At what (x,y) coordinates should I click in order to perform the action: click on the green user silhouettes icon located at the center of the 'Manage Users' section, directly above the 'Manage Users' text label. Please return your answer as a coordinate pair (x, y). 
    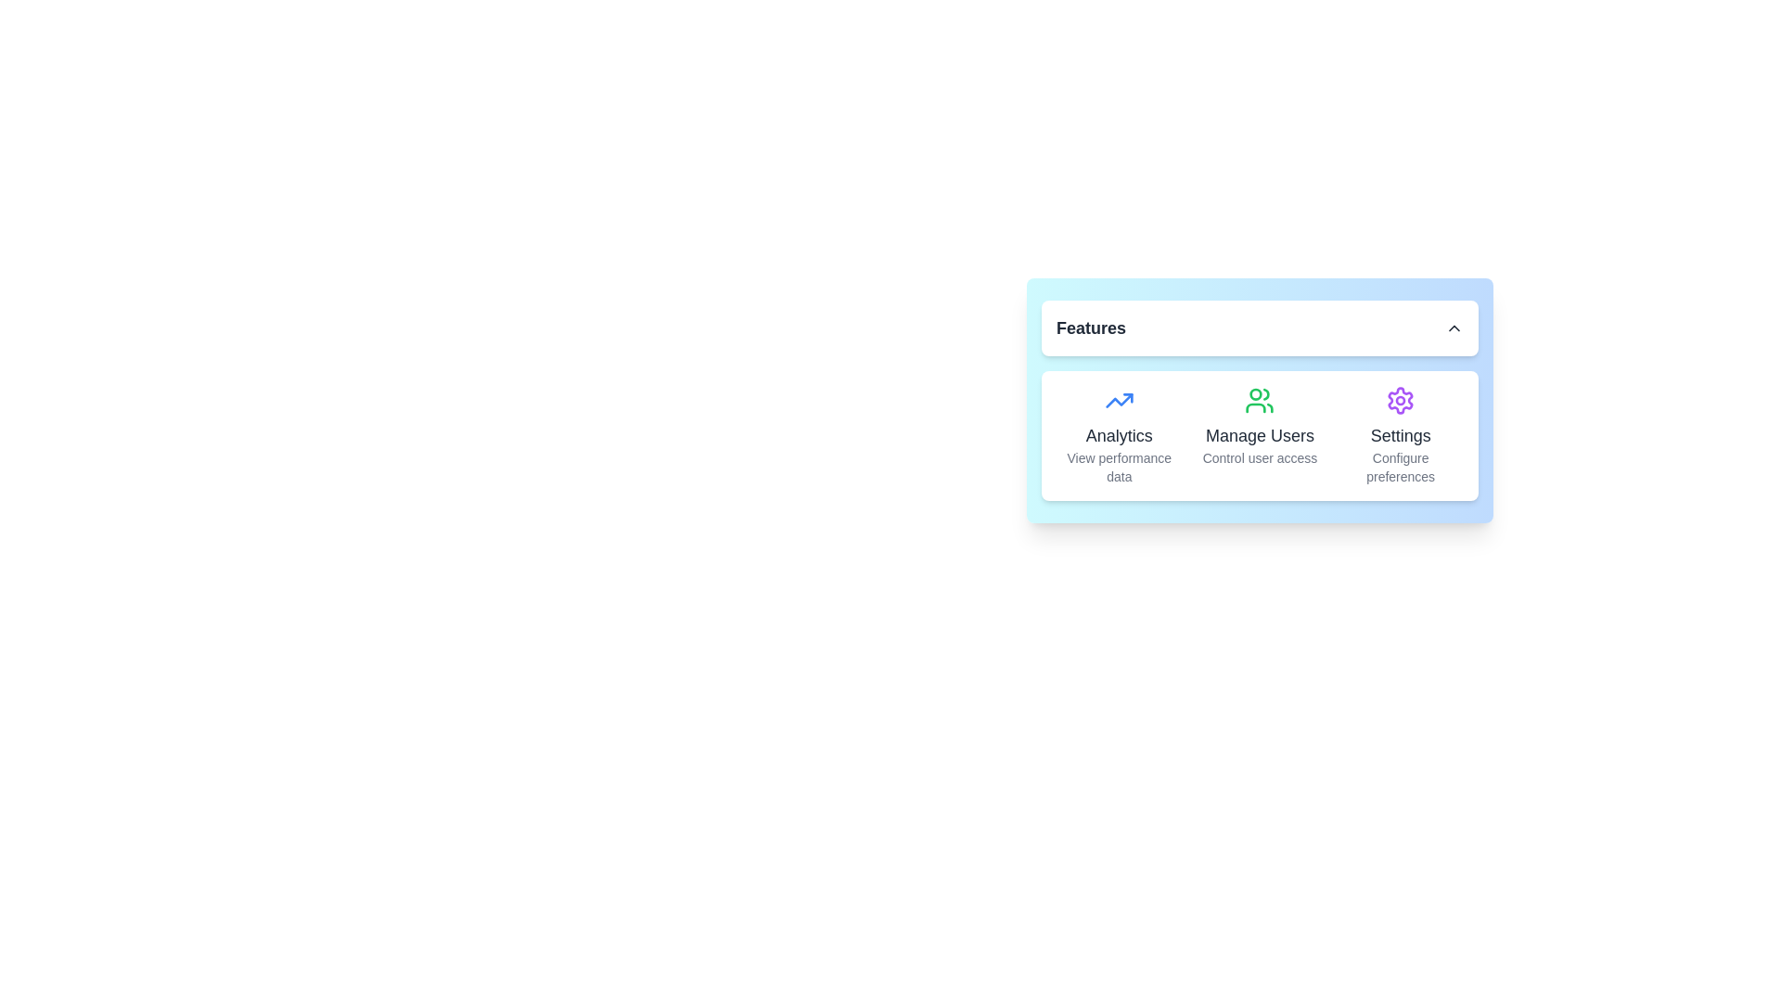
    Looking at the image, I should click on (1260, 400).